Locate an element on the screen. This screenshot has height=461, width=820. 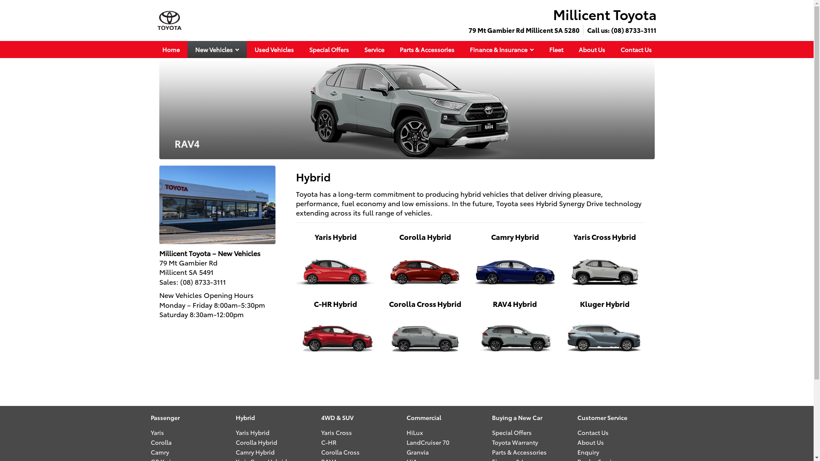
'HiLux' is located at coordinates (414, 432).